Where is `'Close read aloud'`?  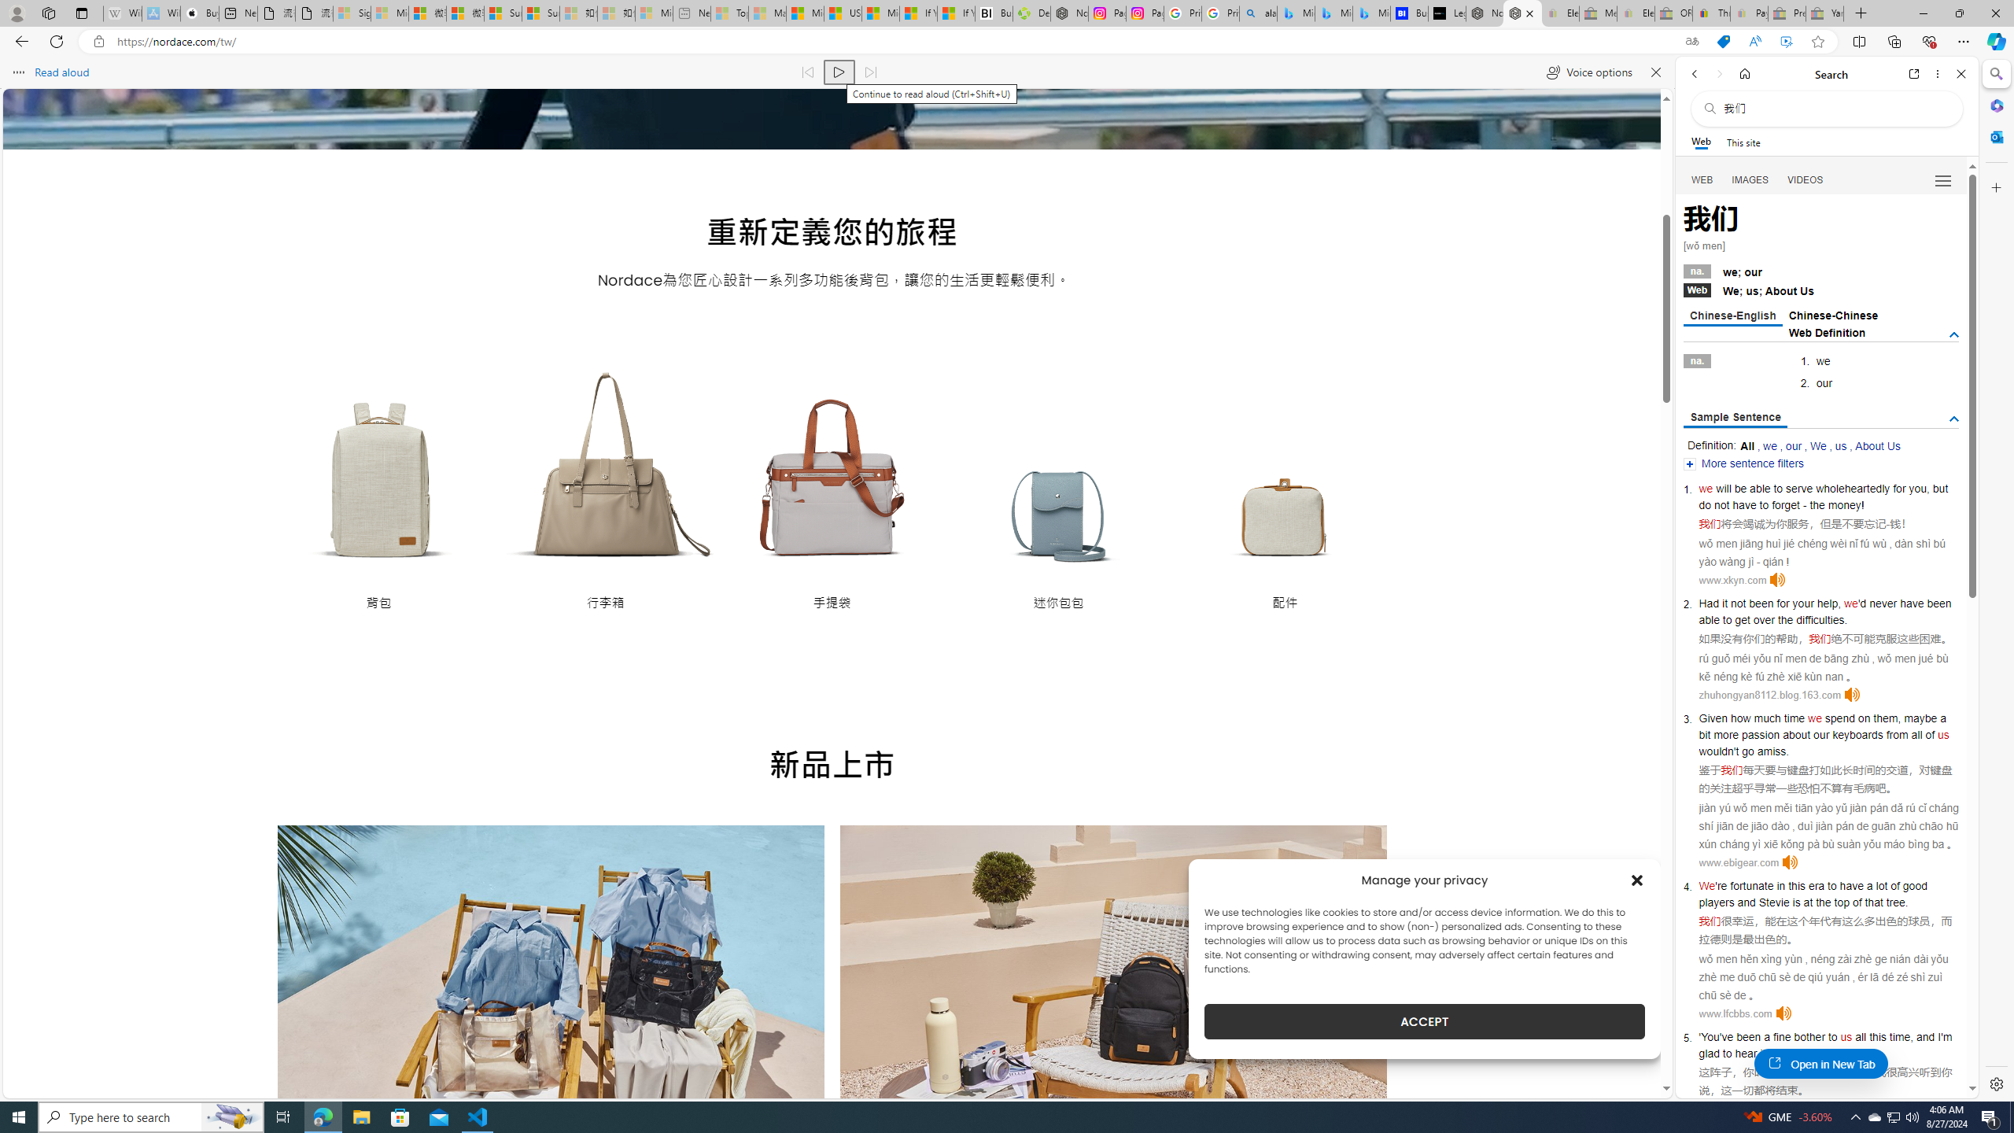
'Close read aloud' is located at coordinates (1654, 72).